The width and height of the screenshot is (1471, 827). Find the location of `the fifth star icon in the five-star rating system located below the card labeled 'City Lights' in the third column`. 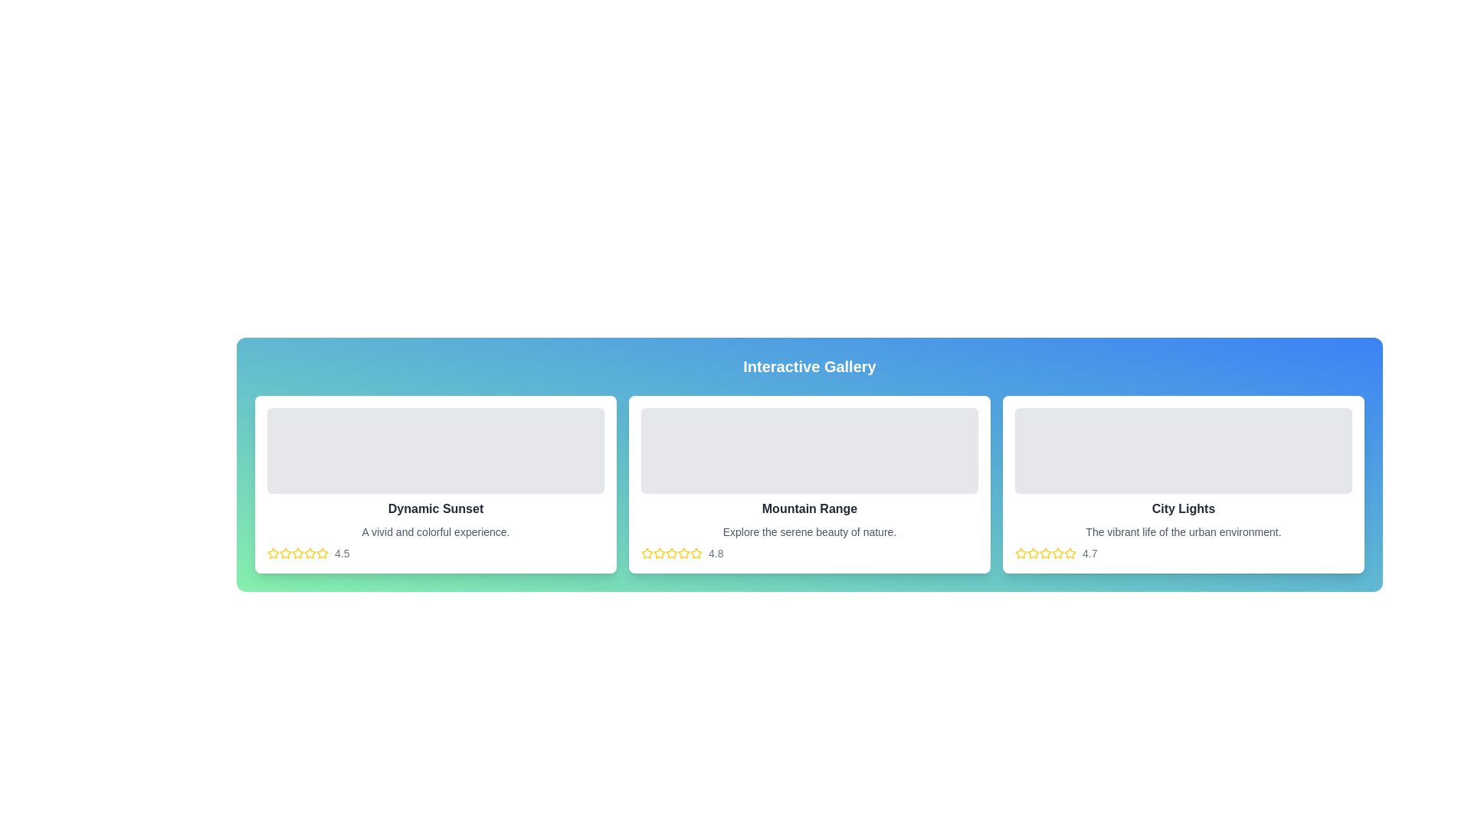

the fifth star icon in the five-star rating system located below the card labeled 'City Lights' in the third column is located at coordinates (1069, 553).